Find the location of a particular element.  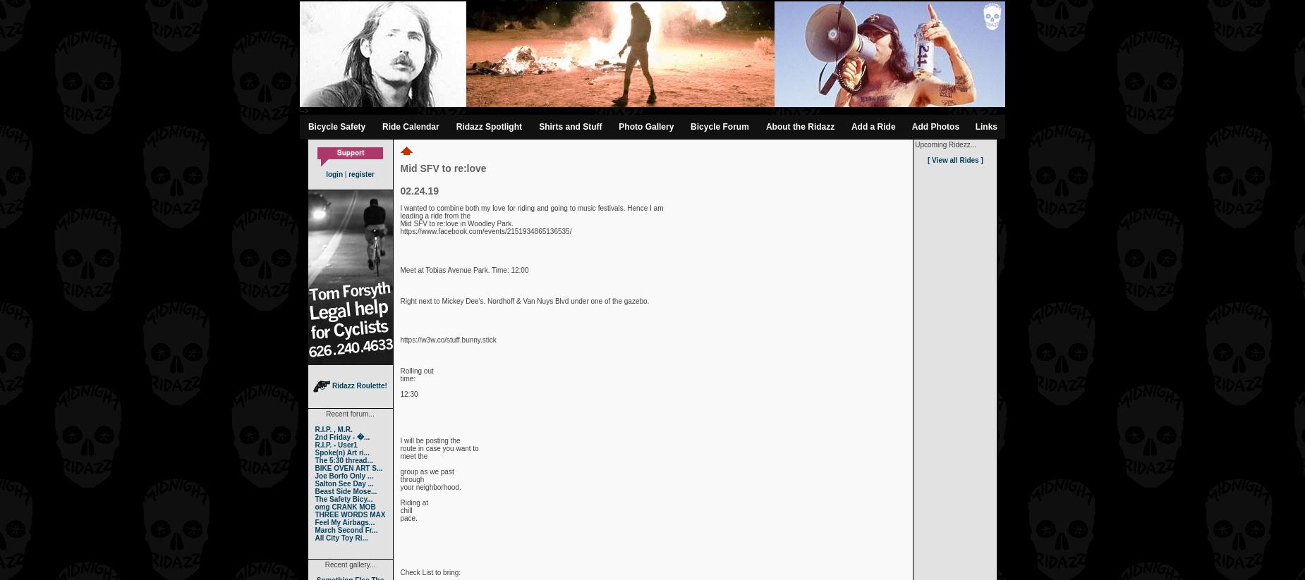

'omg CRANK MOB' is located at coordinates (344, 507).